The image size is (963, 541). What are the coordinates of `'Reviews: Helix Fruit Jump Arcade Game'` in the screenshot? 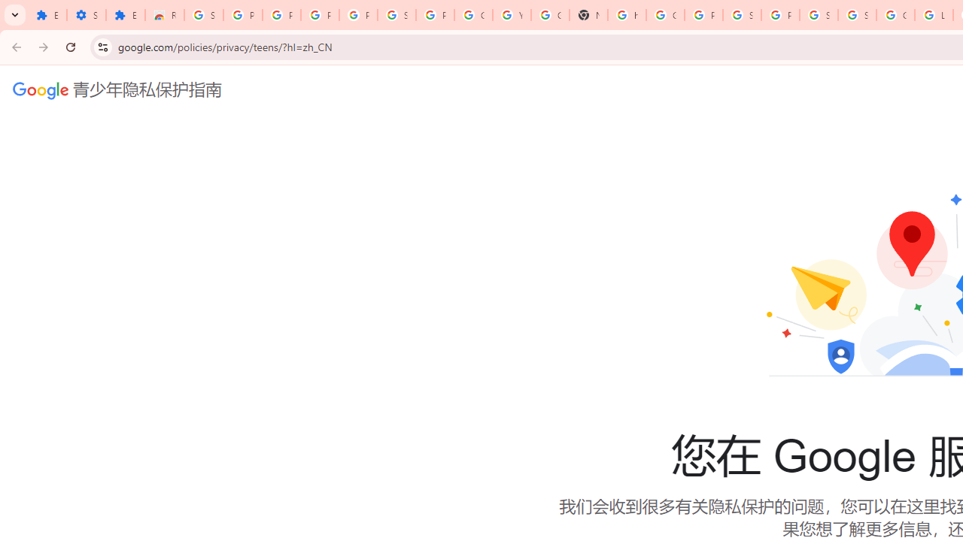 It's located at (164, 15).